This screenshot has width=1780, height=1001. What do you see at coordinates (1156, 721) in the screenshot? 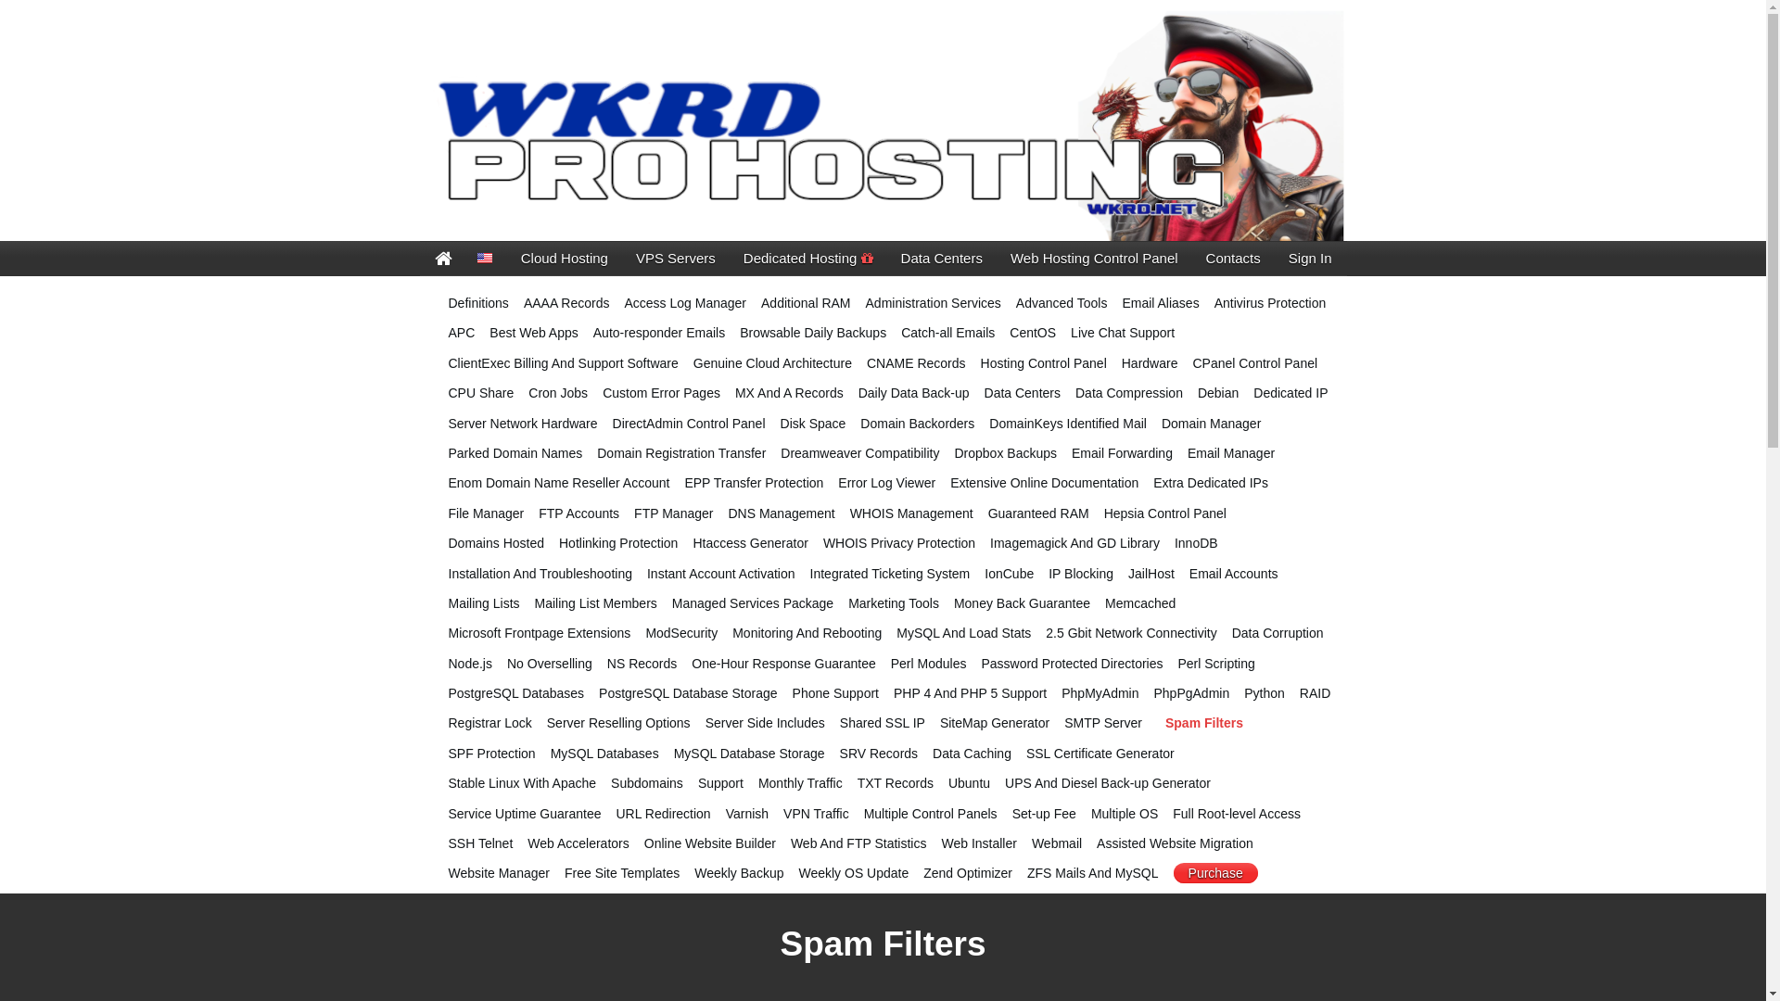
I see `'Spam Filters'` at bounding box center [1156, 721].